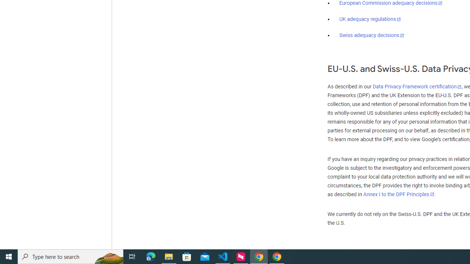 The image size is (470, 264). I want to click on 'European Commission adequacy decisions', so click(390, 3).